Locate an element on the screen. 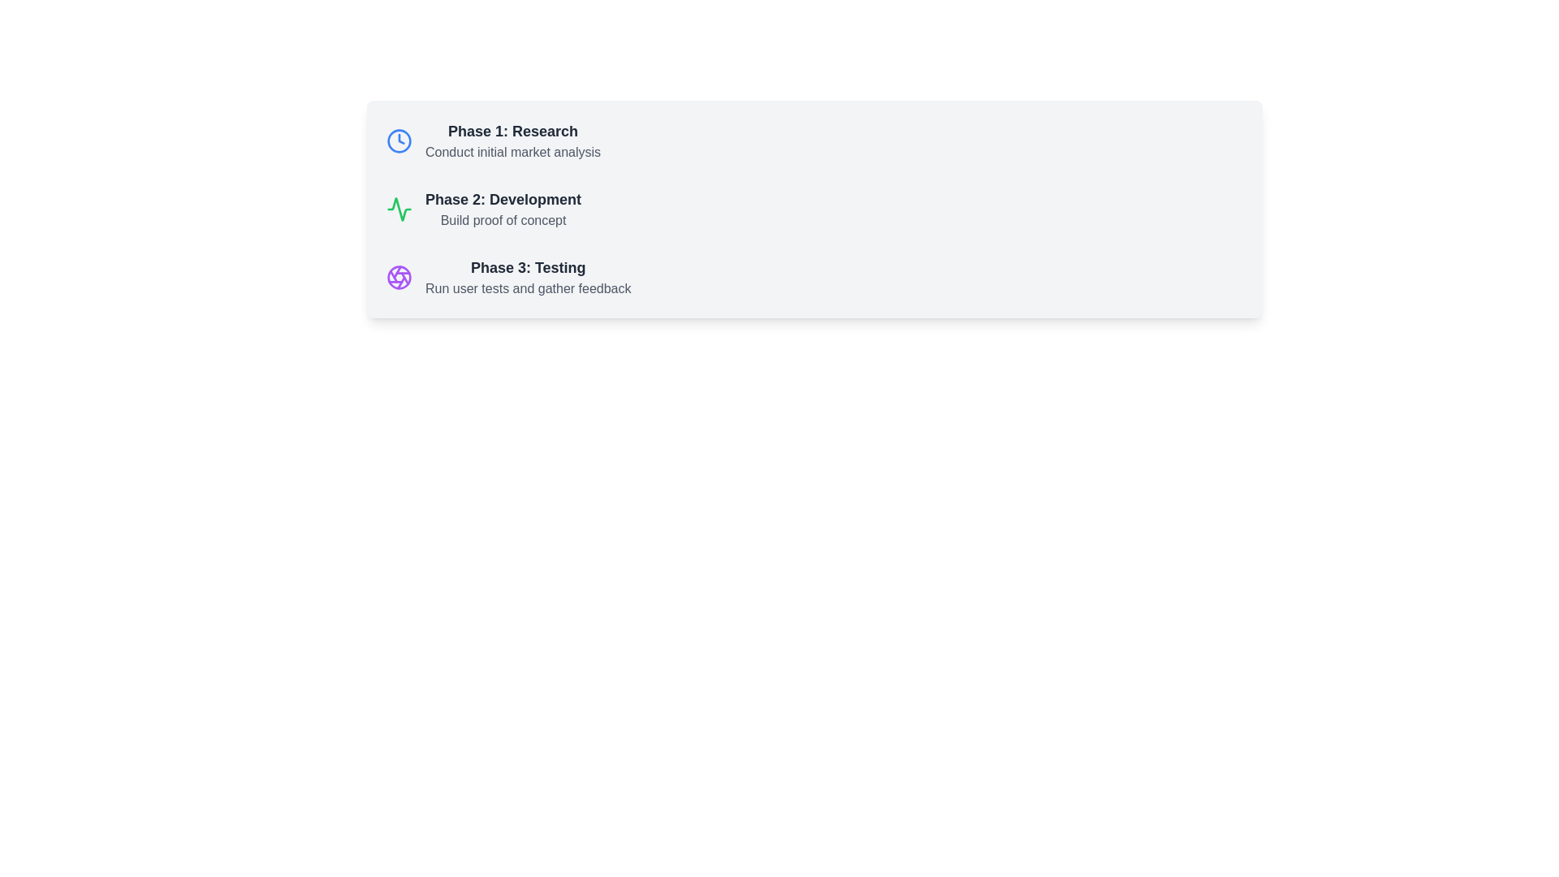 This screenshot has height=877, width=1559. the text label reading 'Build proof of concept', which is styled in a smaller gray font and positioned below the bold title 'Phase 2: Development' is located at coordinates (502, 221).